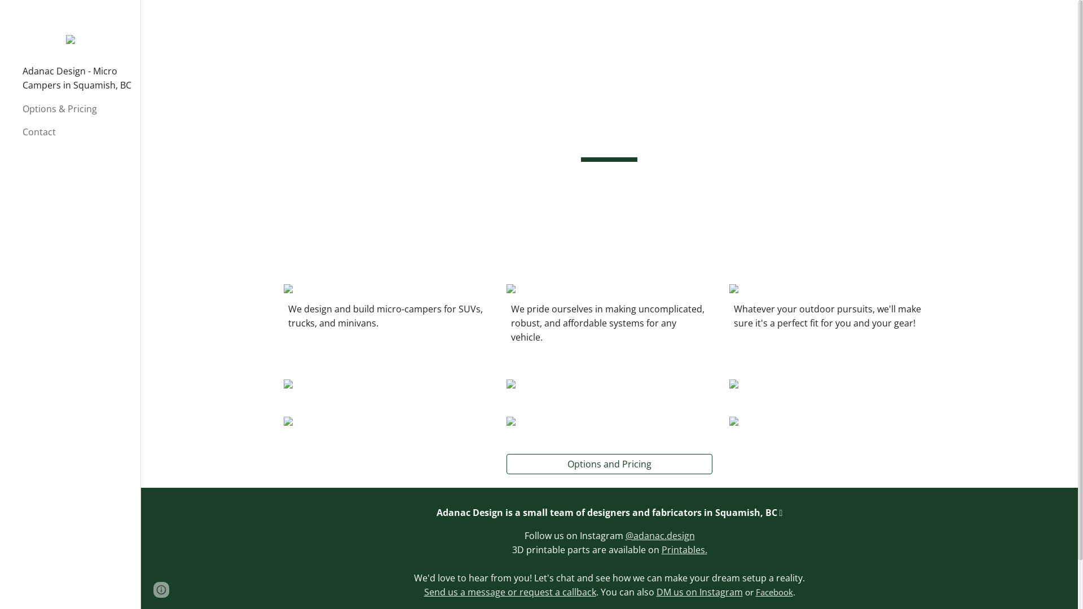  I want to click on 'DM us on Instagram', so click(699, 591).